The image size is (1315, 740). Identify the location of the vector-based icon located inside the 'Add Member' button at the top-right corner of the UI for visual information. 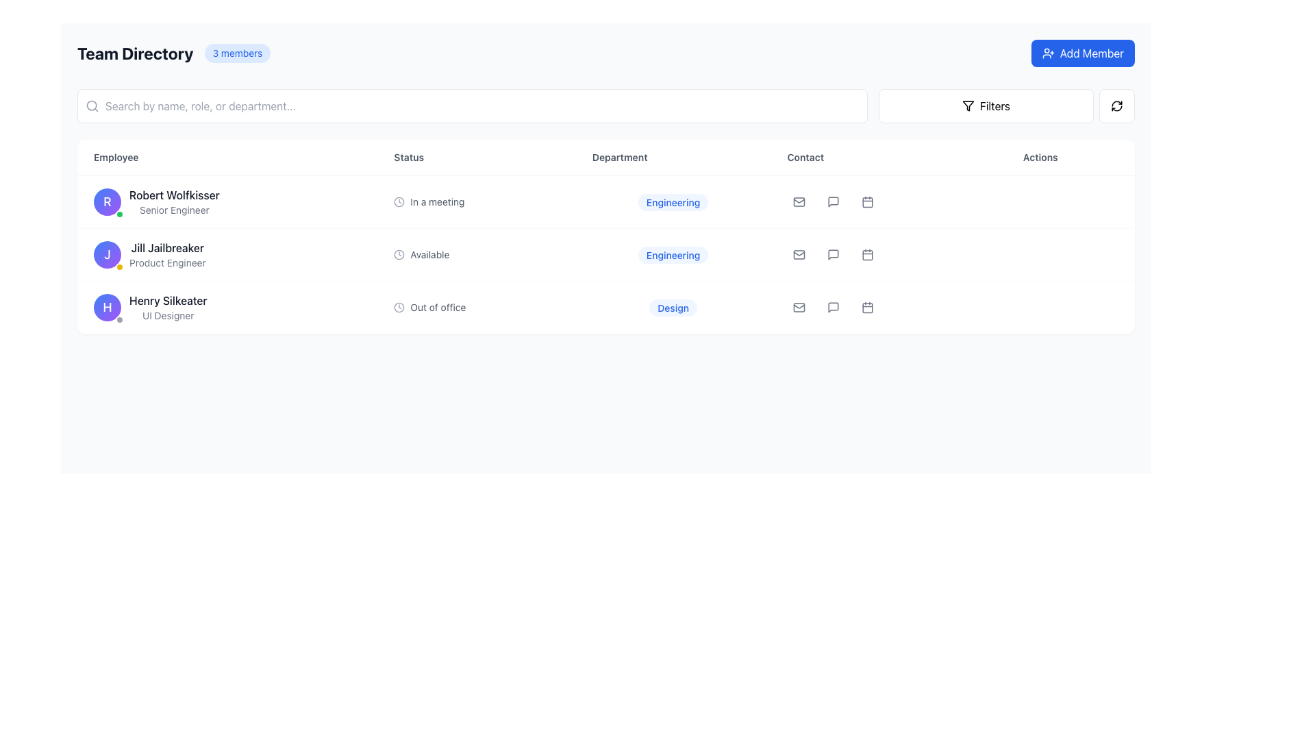
(1047, 52).